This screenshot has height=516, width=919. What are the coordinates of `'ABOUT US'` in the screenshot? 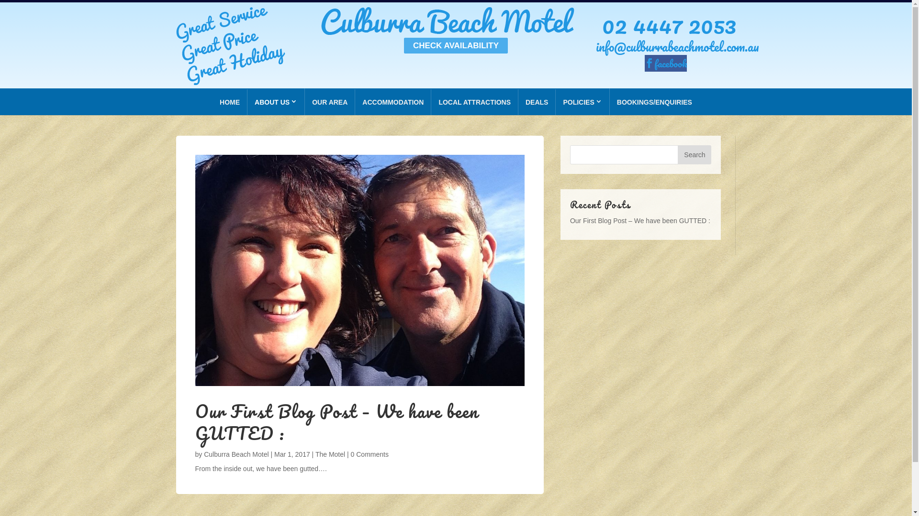 It's located at (247, 101).